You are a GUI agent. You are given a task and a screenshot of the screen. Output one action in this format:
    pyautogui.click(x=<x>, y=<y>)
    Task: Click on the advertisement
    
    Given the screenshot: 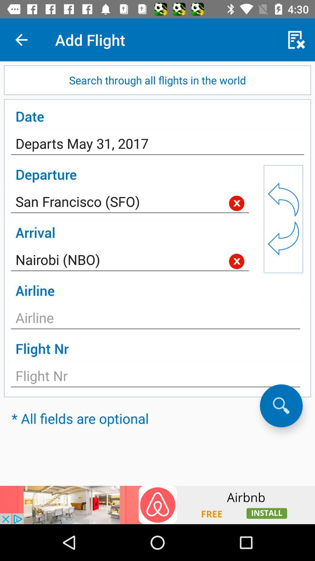 What is the action you would take?
    pyautogui.click(x=157, y=505)
    